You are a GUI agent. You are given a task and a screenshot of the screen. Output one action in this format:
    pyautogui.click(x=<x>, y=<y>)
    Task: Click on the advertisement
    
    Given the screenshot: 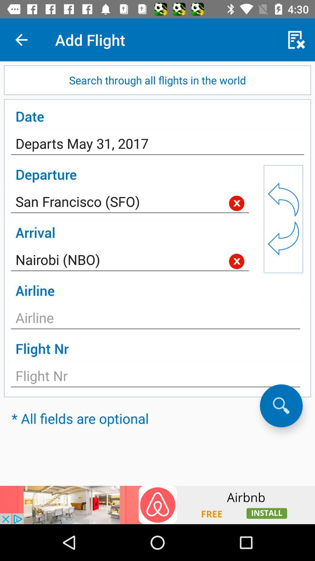 What is the action you would take?
    pyautogui.click(x=157, y=505)
    